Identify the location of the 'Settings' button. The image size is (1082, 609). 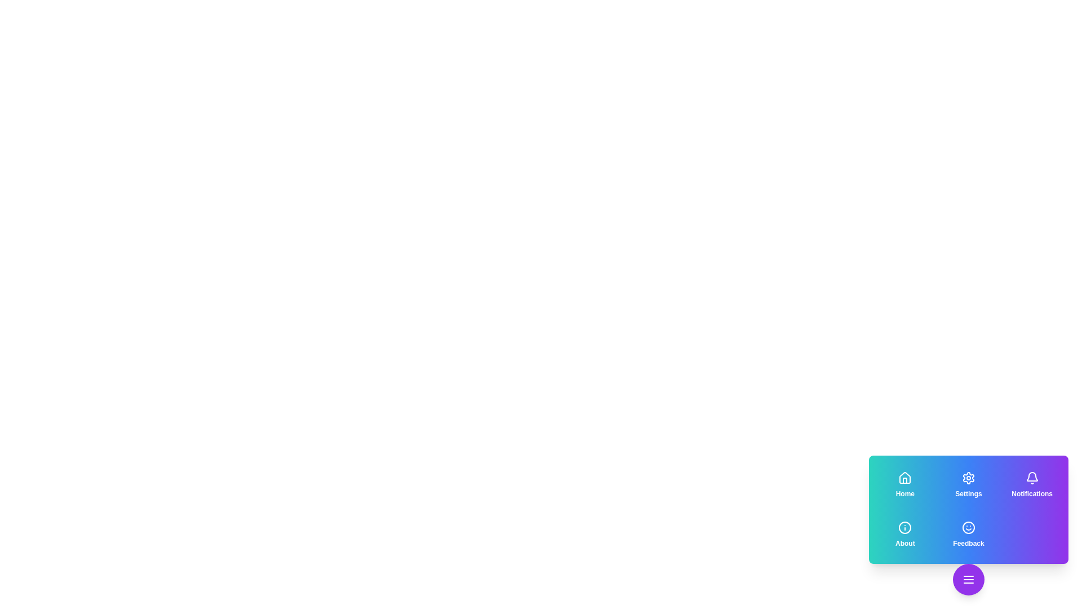
(968, 484).